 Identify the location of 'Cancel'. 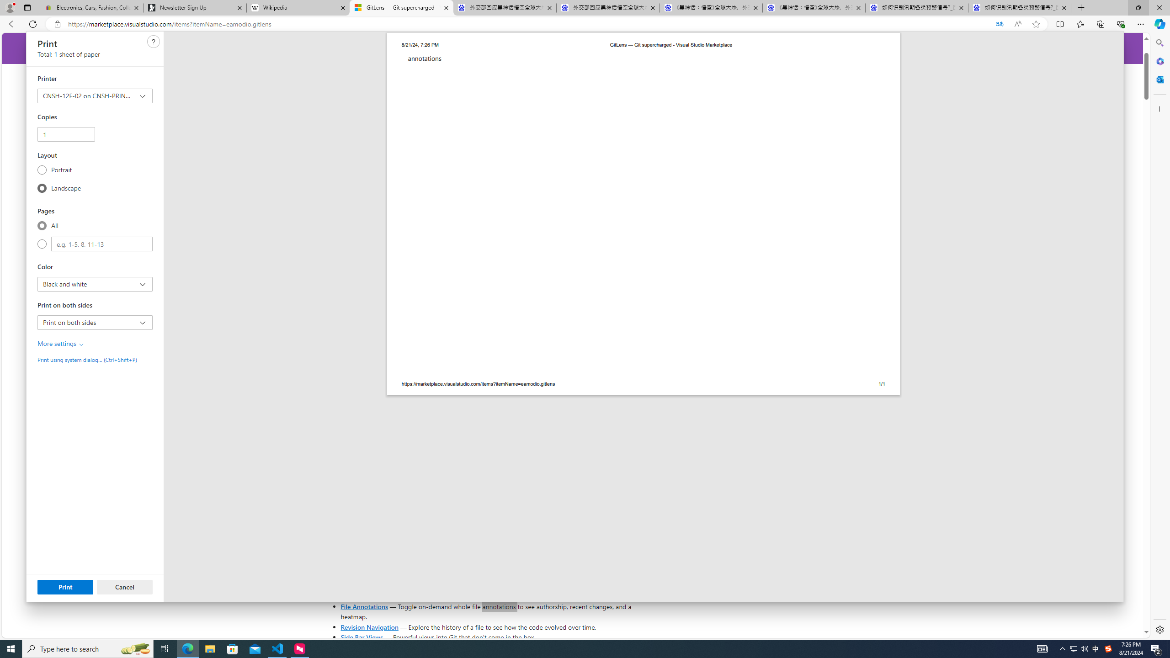
(124, 586).